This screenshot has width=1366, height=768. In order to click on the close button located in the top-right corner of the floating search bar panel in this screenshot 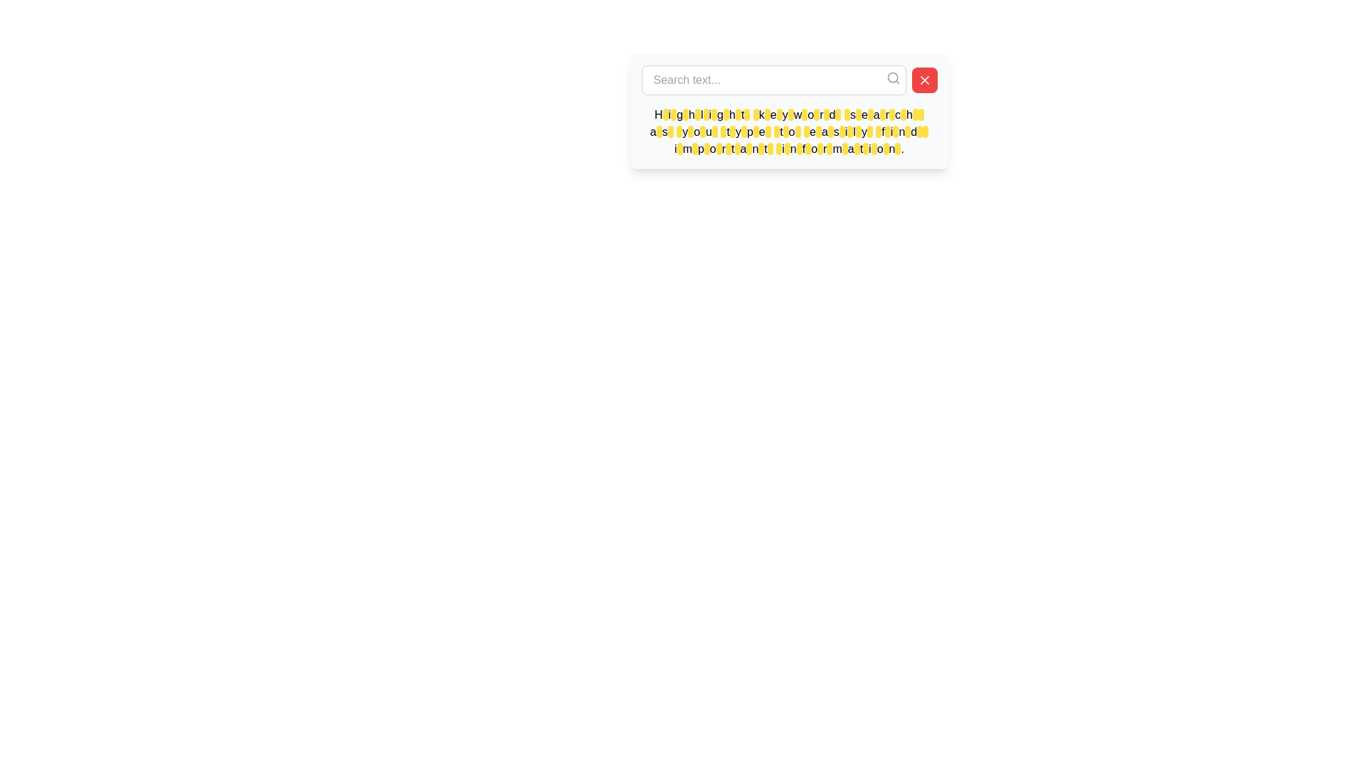, I will do `click(924, 80)`.